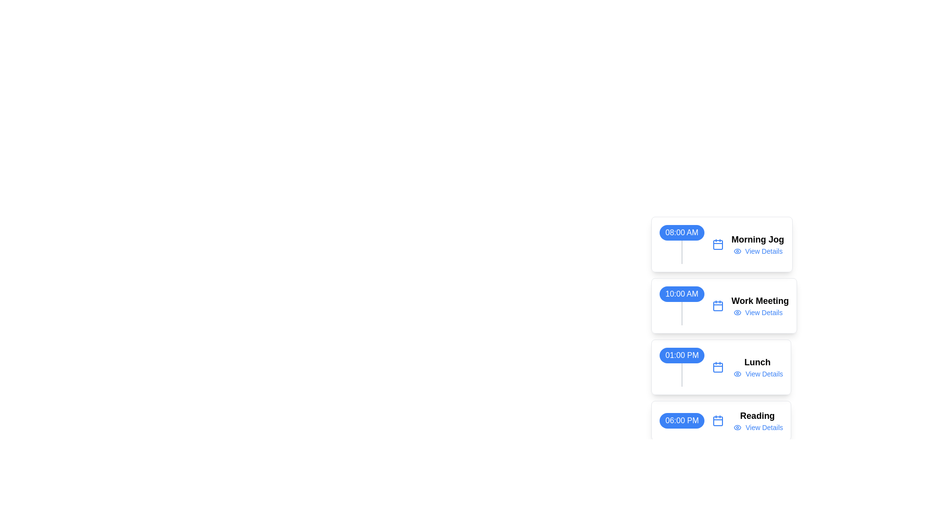  I want to click on the text label indicating 'Work Meeting', so click(760, 300).